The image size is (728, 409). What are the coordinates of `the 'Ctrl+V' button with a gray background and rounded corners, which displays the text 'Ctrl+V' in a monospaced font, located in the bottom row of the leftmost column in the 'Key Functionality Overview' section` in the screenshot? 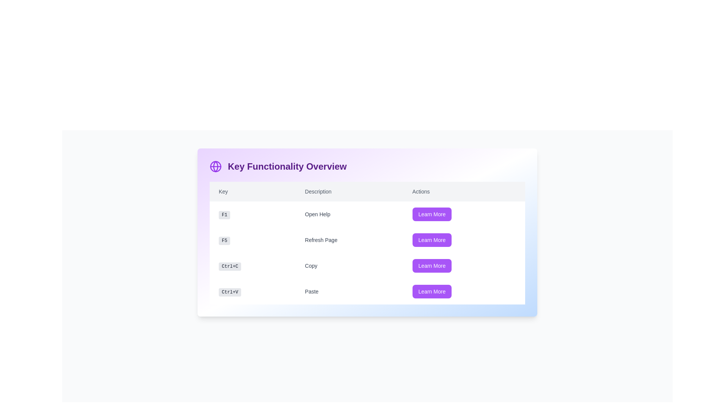 It's located at (229, 292).